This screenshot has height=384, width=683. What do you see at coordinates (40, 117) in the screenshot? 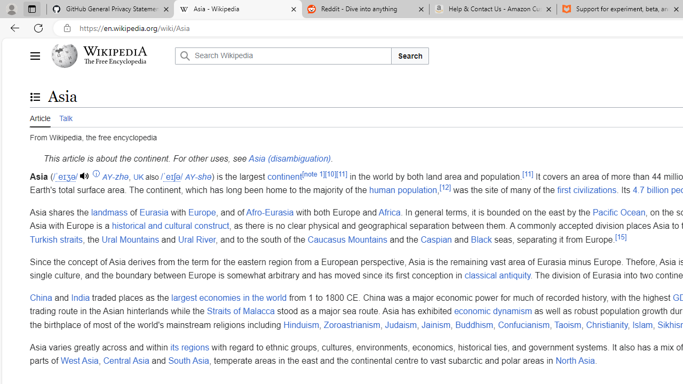
I see `'Article'` at bounding box center [40, 117].